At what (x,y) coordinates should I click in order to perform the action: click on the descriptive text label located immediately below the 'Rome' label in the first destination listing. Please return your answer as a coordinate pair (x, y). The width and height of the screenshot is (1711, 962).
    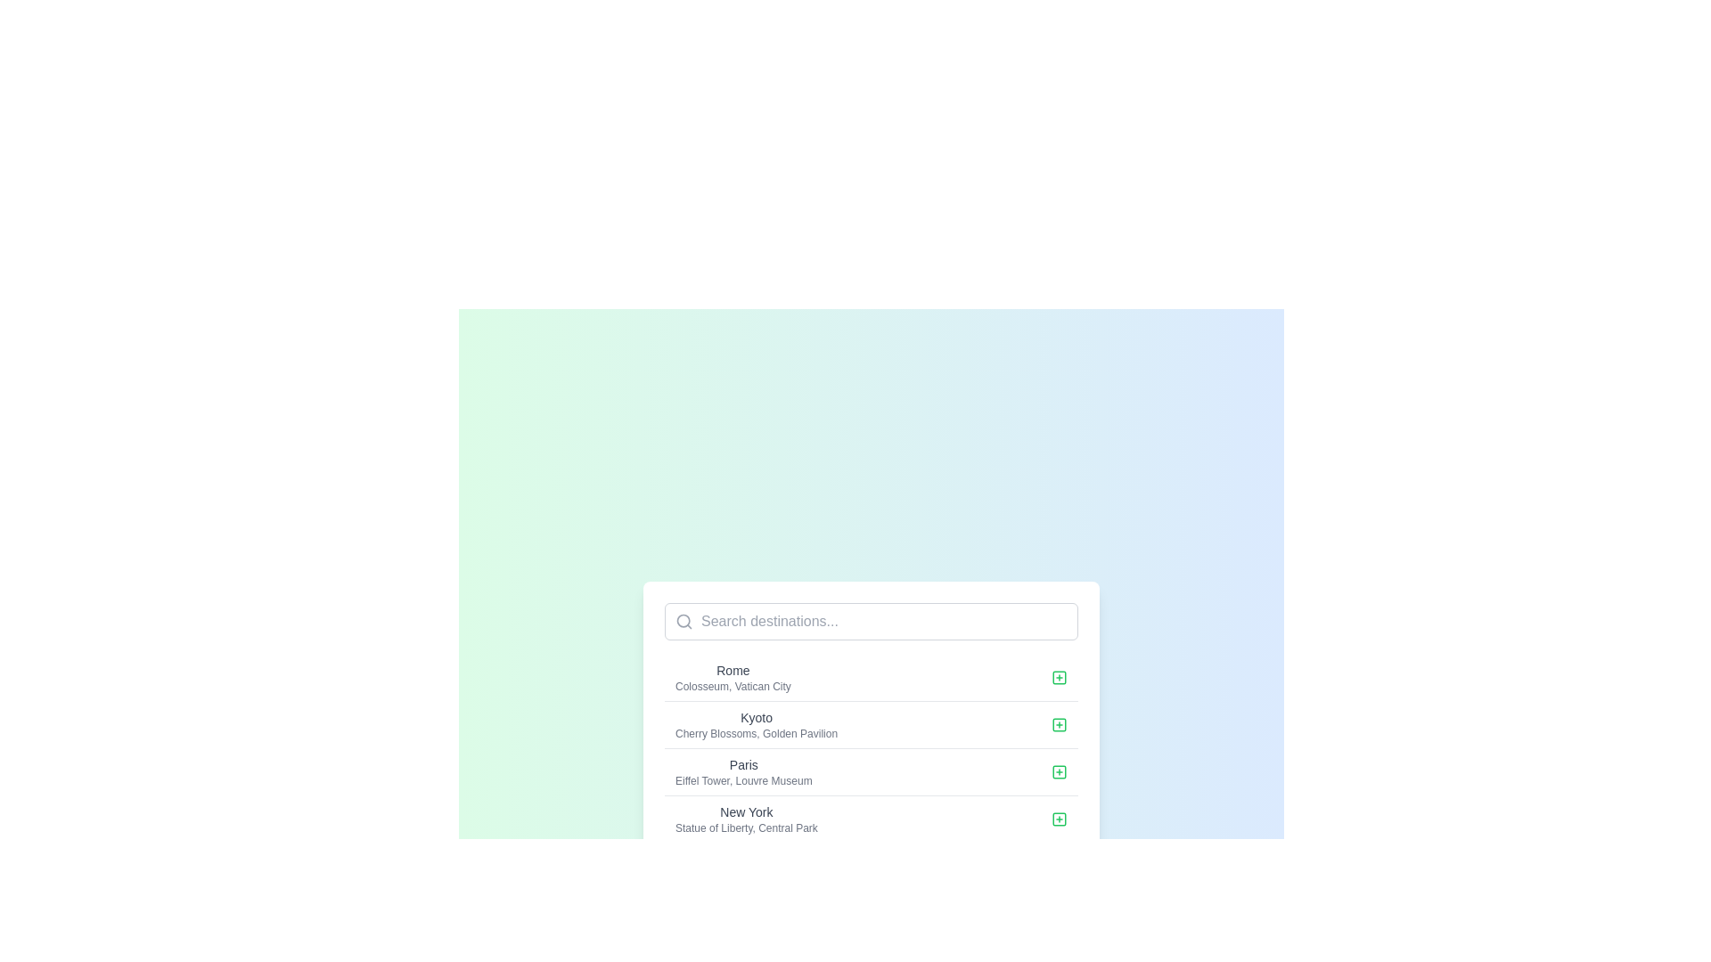
    Looking at the image, I should click on (733, 686).